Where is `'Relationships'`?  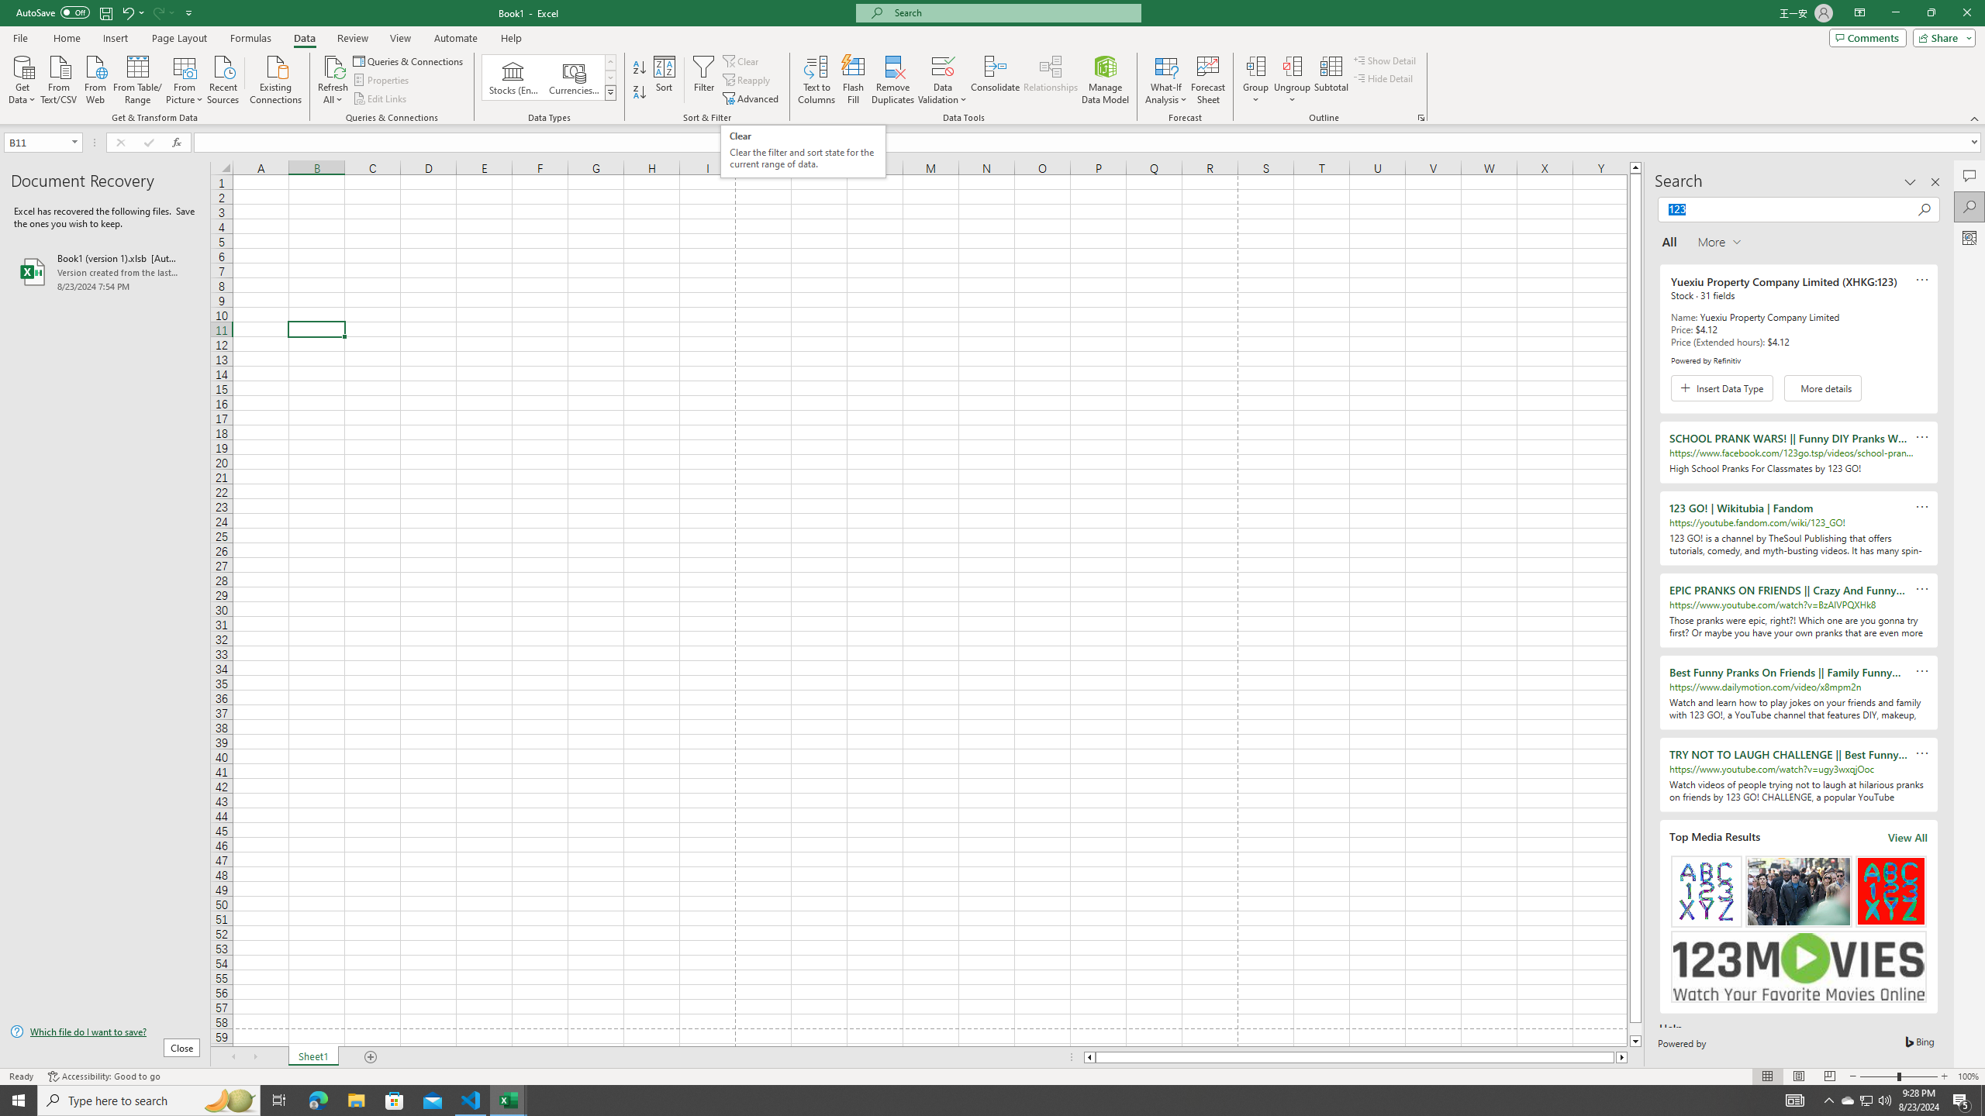
'Relationships' is located at coordinates (1050, 80).